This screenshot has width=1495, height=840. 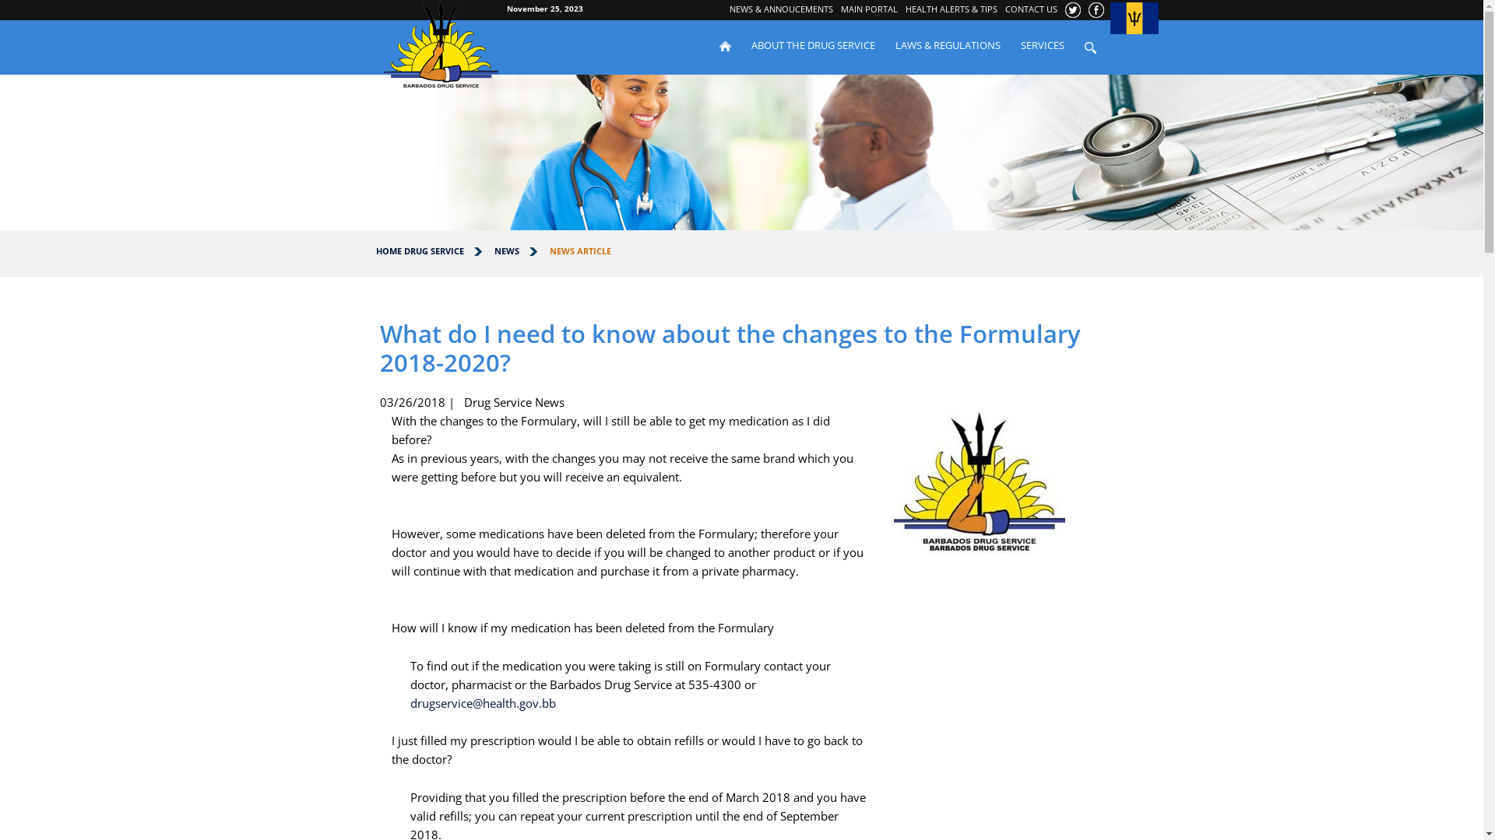 What do you see at coordinates (1043, 44) in the screenshot?
I see `'SERVICES'` at bounding box center [1043, 44].